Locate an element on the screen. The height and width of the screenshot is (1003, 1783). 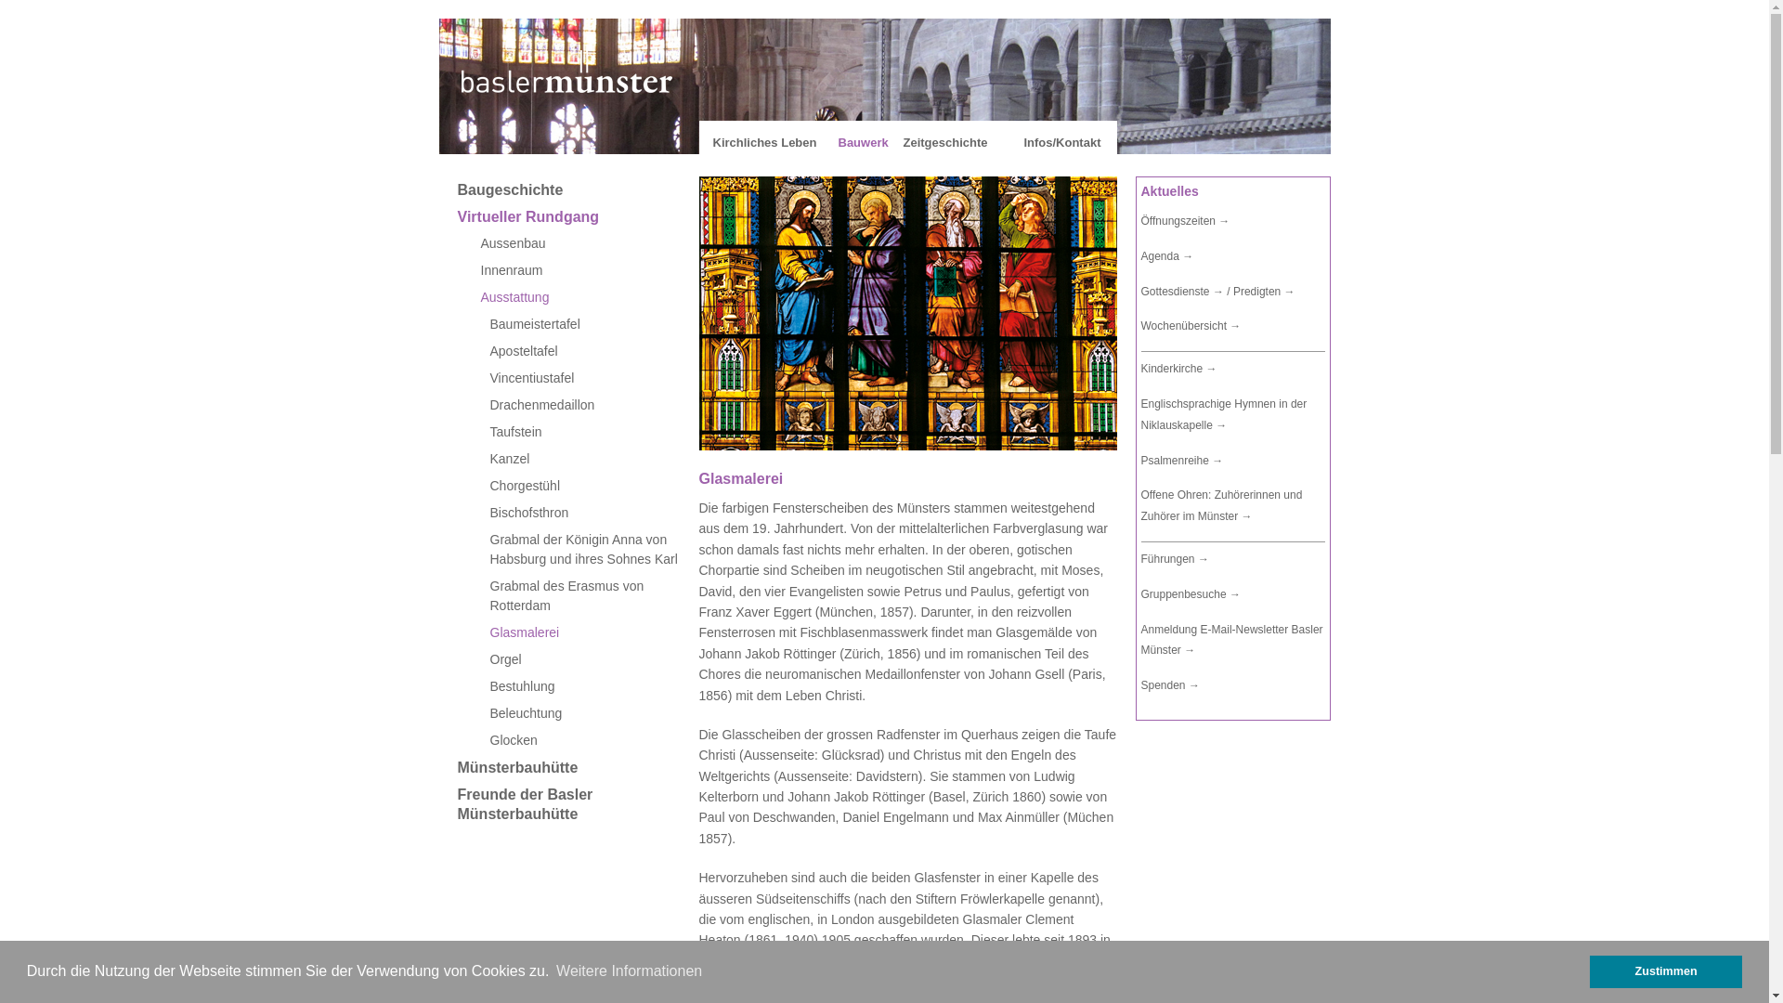
'Vincentiustafel' is located at coordinates (581, 377).